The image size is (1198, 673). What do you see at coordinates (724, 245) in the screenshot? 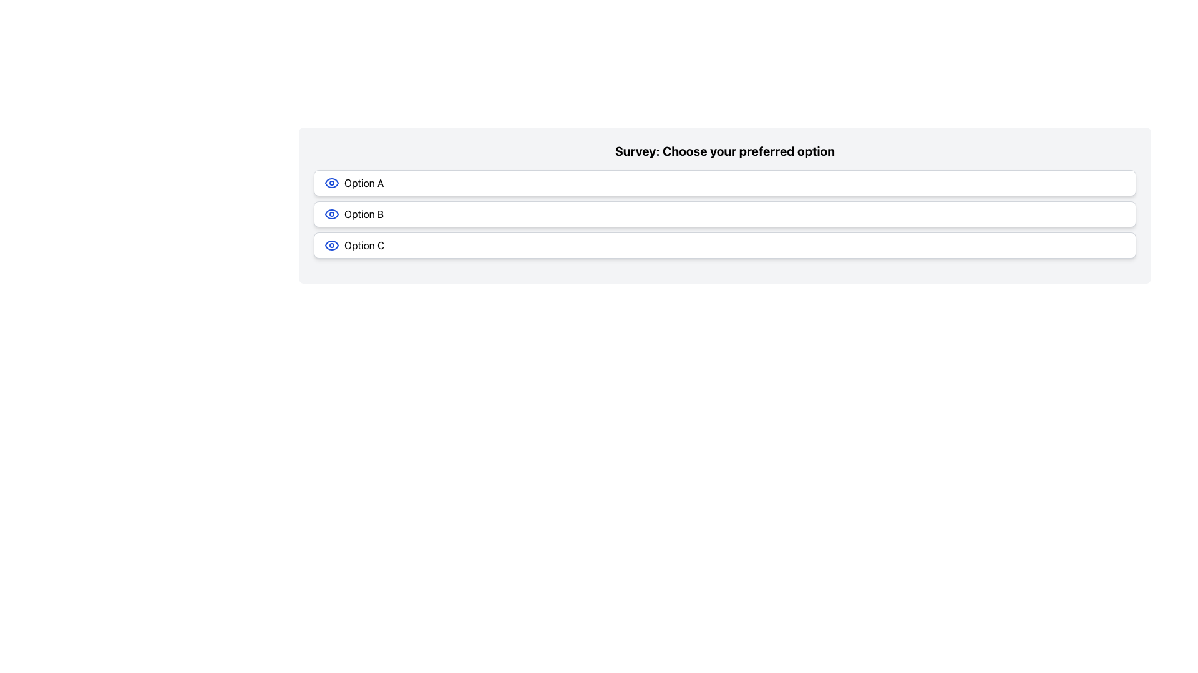
I see `the Button labeled 'Option C', which is the third option under the 'Survey: Choose your preferred option' section` at bounding box center [724, 245].